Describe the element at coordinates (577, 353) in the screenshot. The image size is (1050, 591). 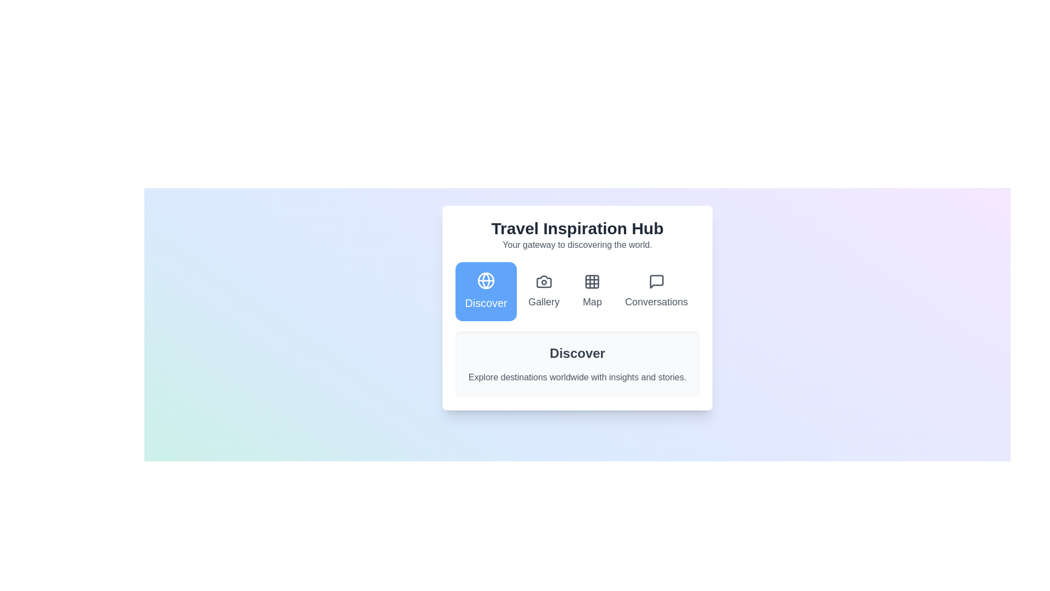
I see `text from the 'Discover' text label, which is displayed in a large, bold font with gray color on a light-gray background` at that location.